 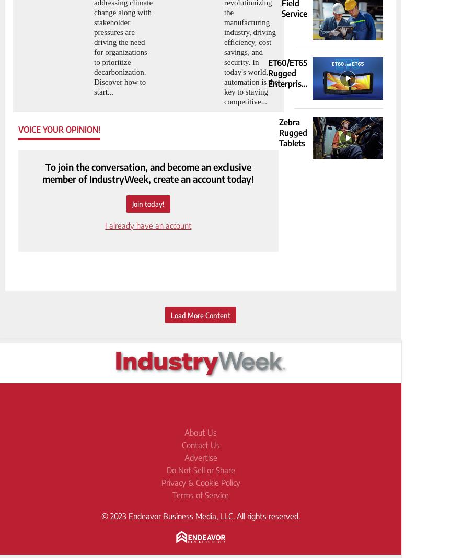 What do you see at coordinates (201, 516) in the screenshot?
I see `'© 2023 Endeavor Business Media, LLC. All rights reserved.'` at bounding box center [201, 516].